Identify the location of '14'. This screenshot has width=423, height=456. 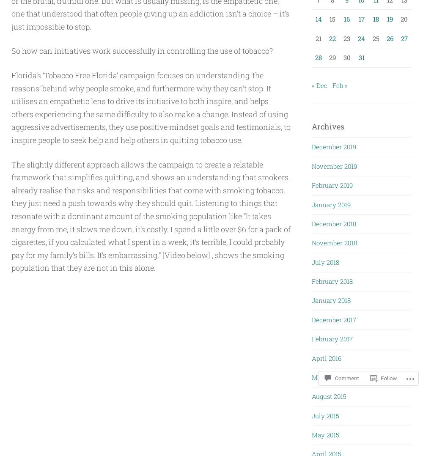
(318, 19).